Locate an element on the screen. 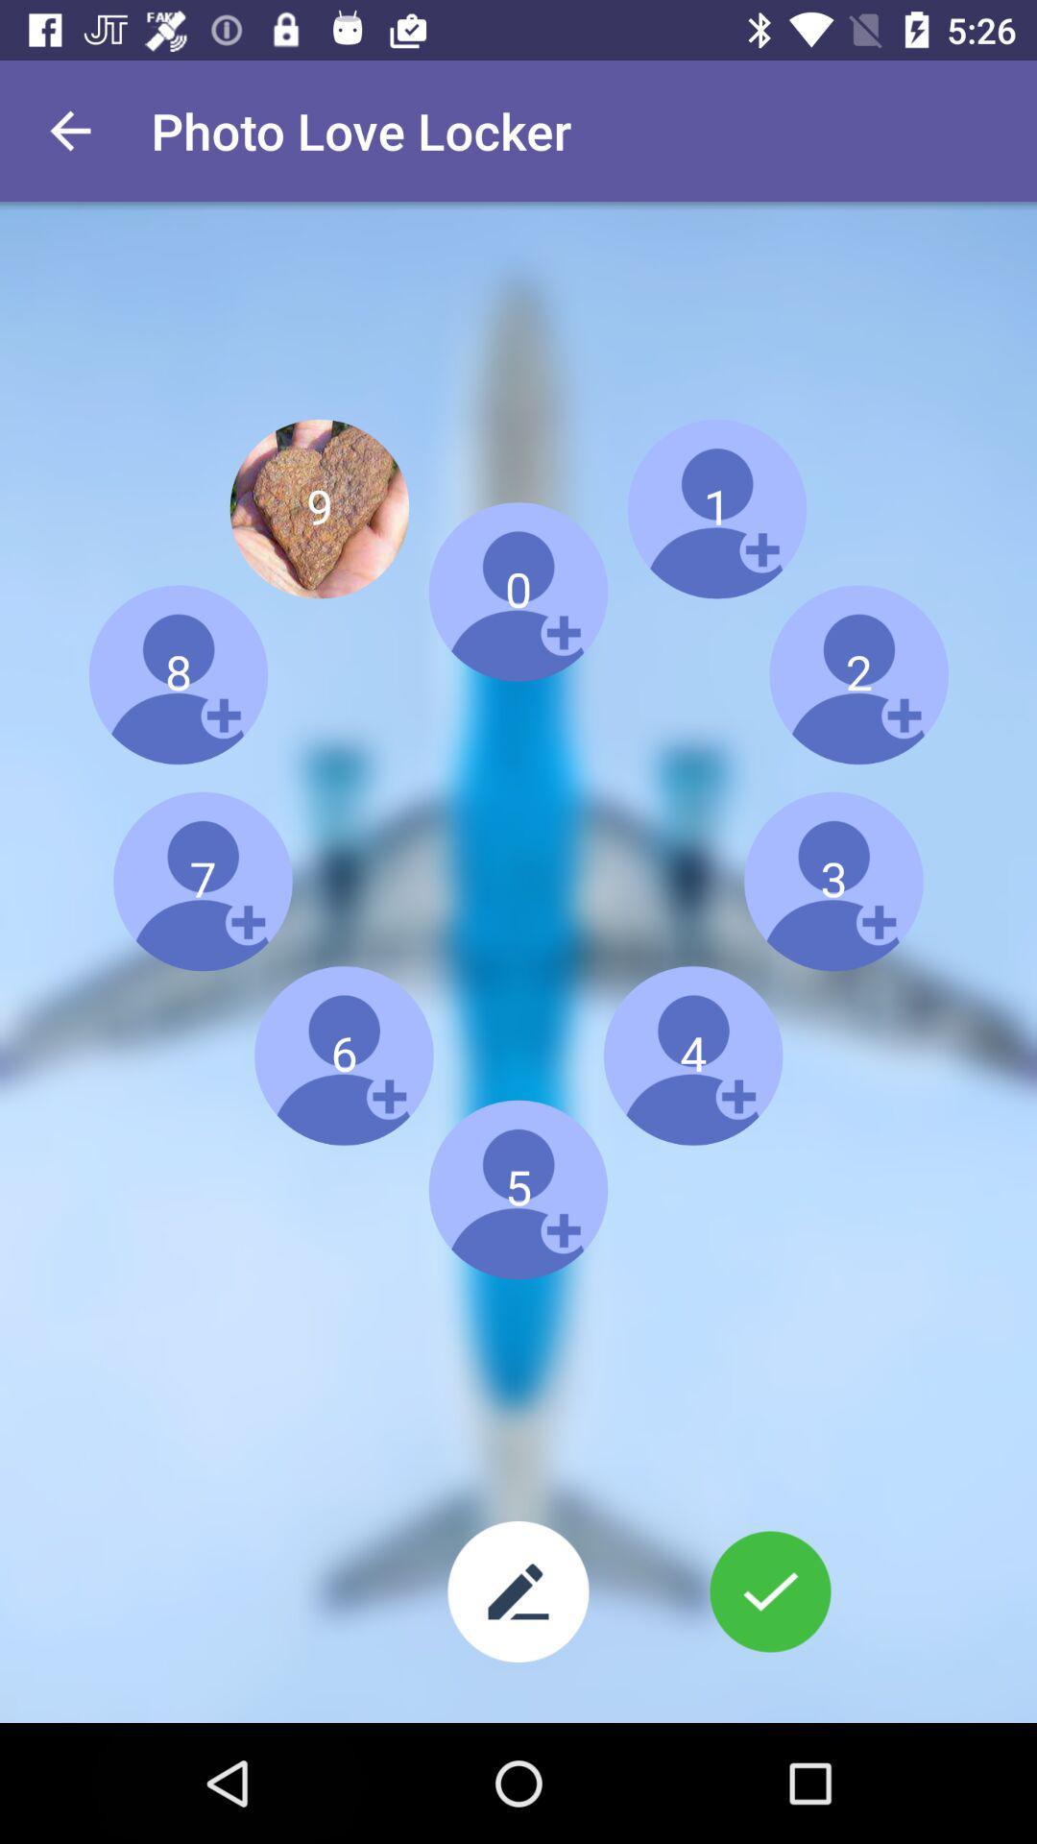  the item next to the photo love locker icon is located at coordinates (69, 130).